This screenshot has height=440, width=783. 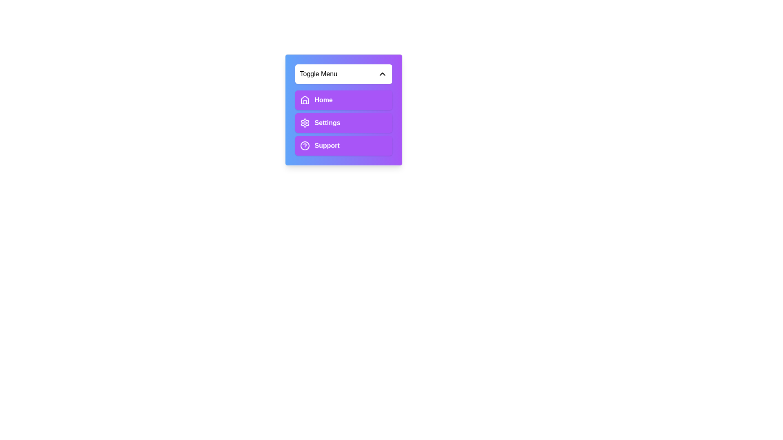 What do you see at coordinates (304, 100) in the screenshot?
I see `the house-shaped icon rendered in white` at bounding box center [304, 100].